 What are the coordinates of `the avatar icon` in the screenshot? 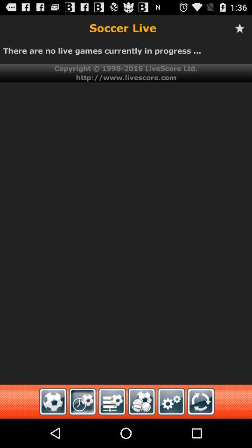 It's located at (141, 430).